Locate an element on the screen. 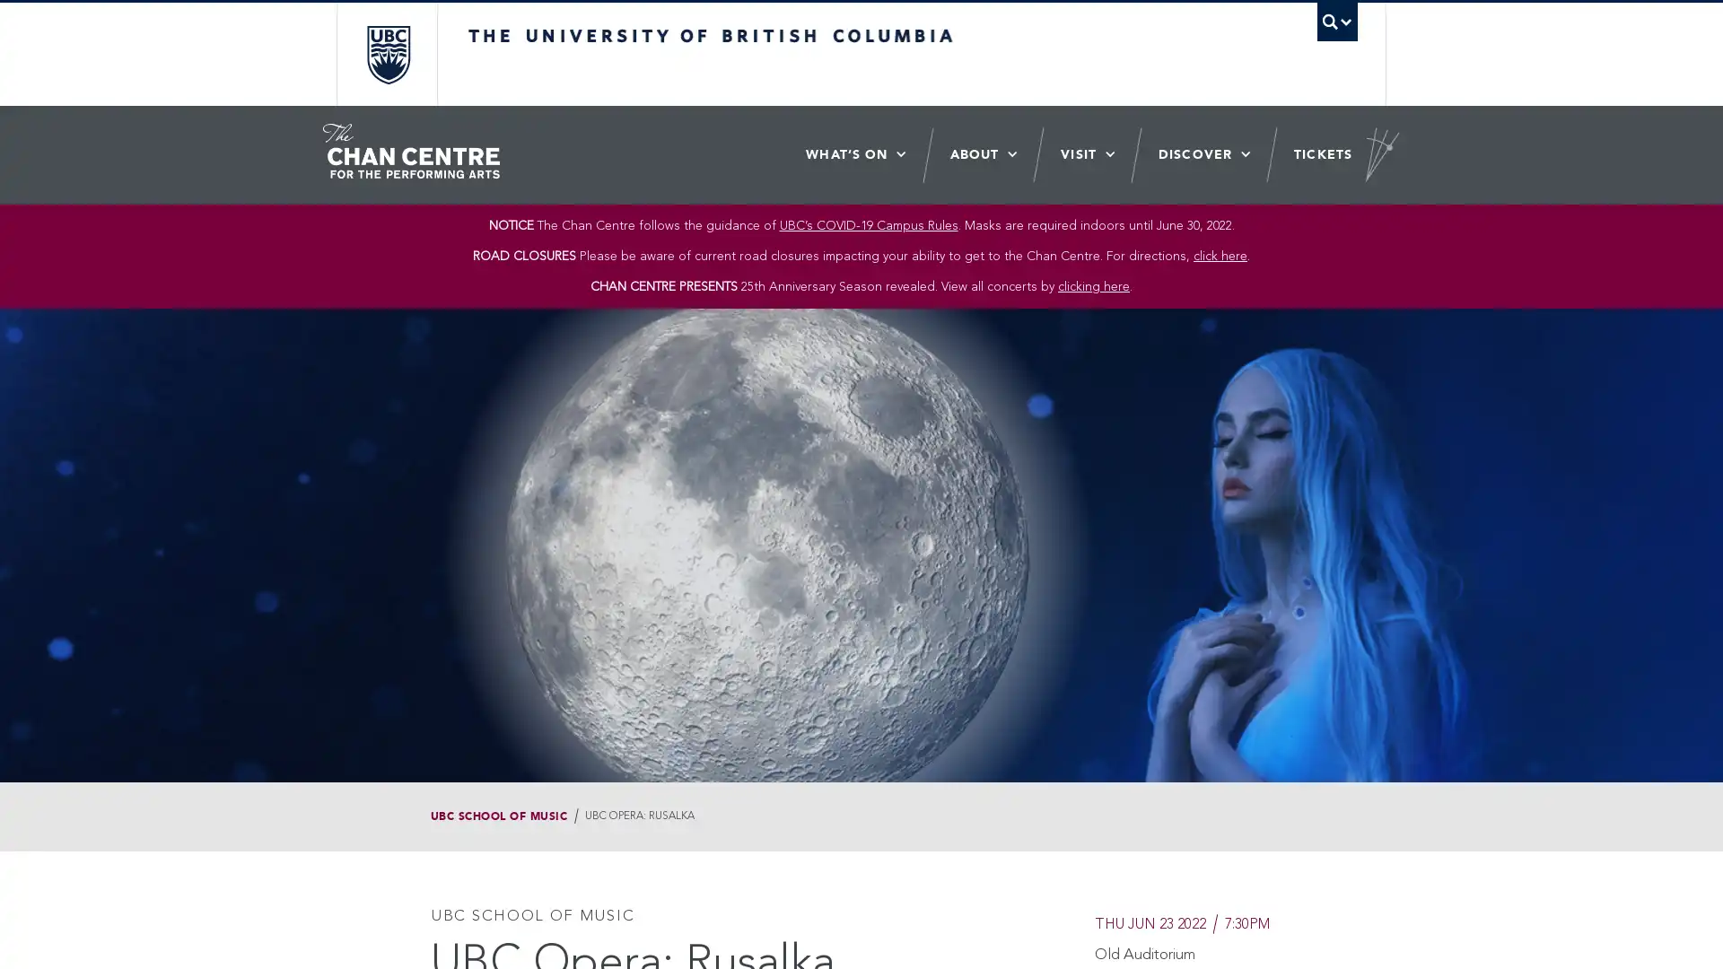 The height and width of the screenshot is (969, 1723). Subscribe is located at coordinates (984, 480).